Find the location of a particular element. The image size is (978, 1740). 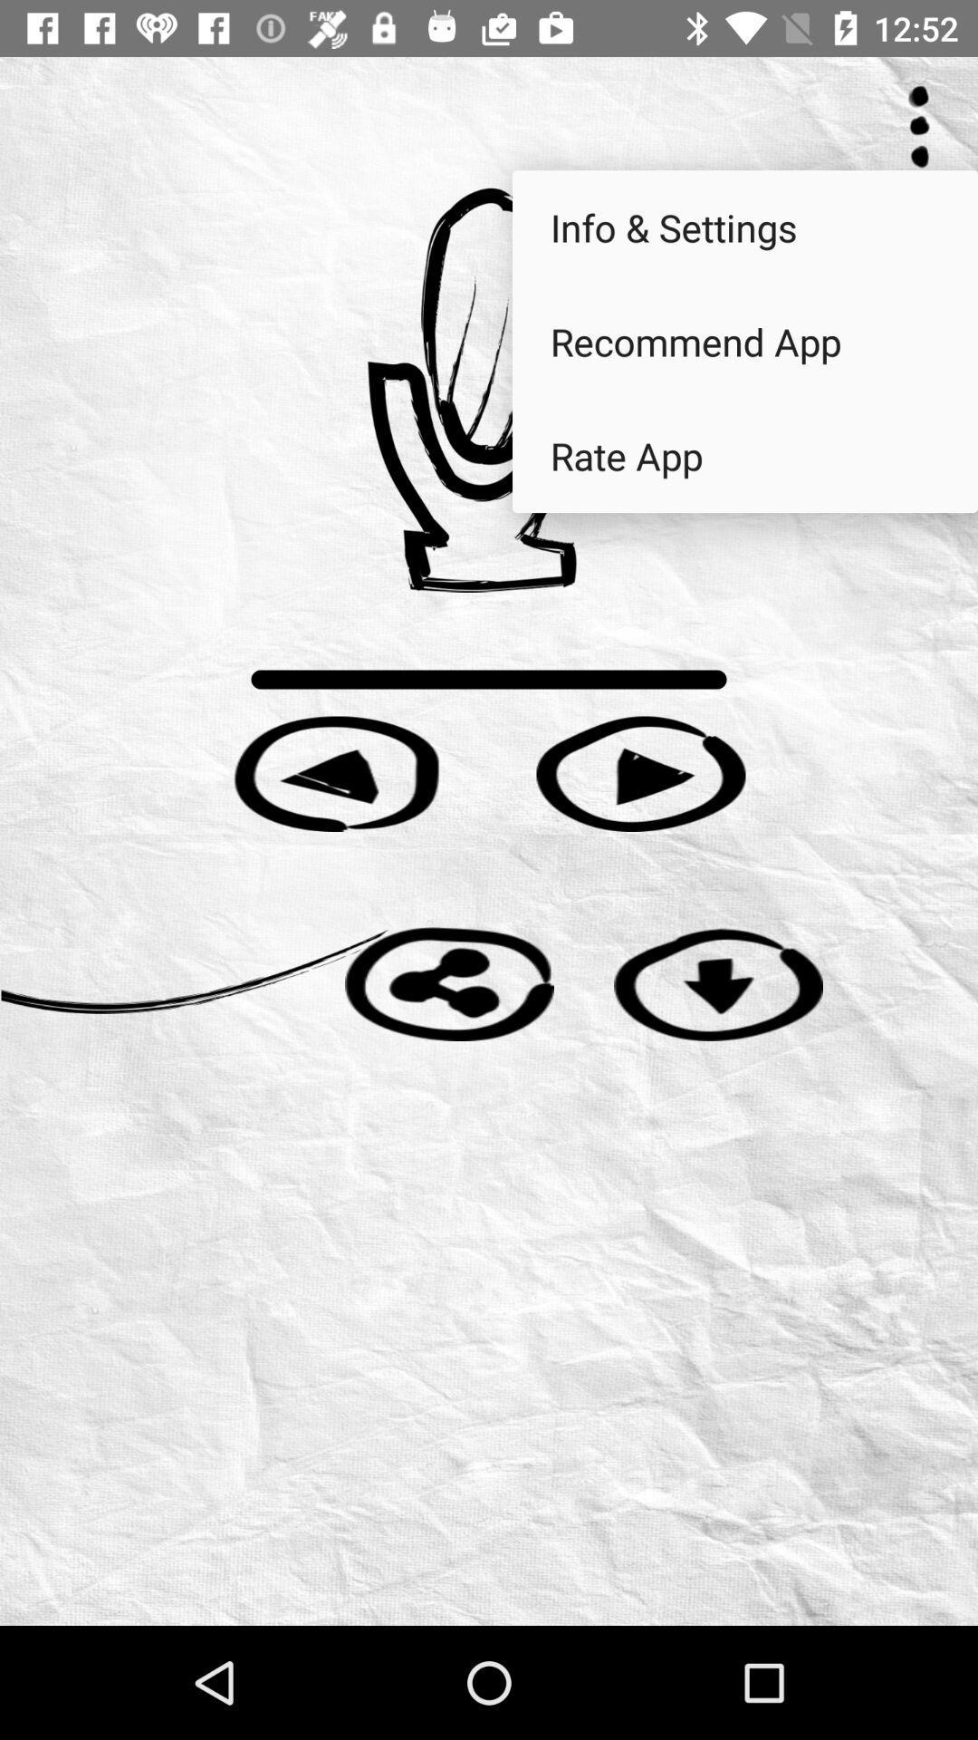

start recording is located at coordinates (489, 389).